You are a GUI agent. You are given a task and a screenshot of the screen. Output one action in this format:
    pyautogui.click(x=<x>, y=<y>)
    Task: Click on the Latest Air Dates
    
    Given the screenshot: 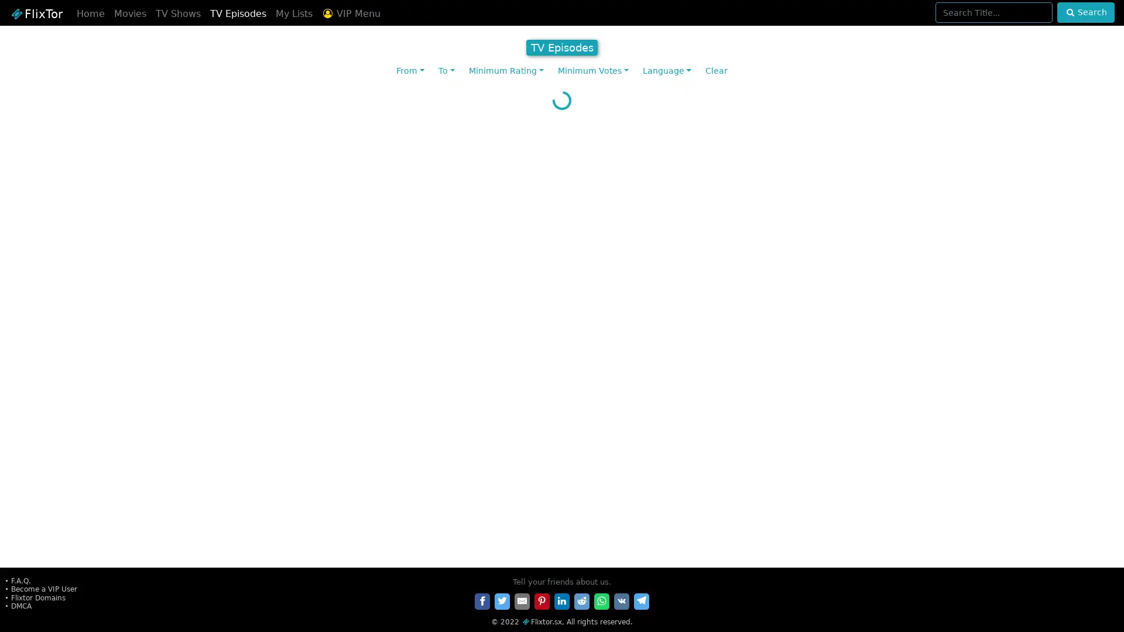 What is the action you would take?
    pyautogui.click(x=562, y=95)
    